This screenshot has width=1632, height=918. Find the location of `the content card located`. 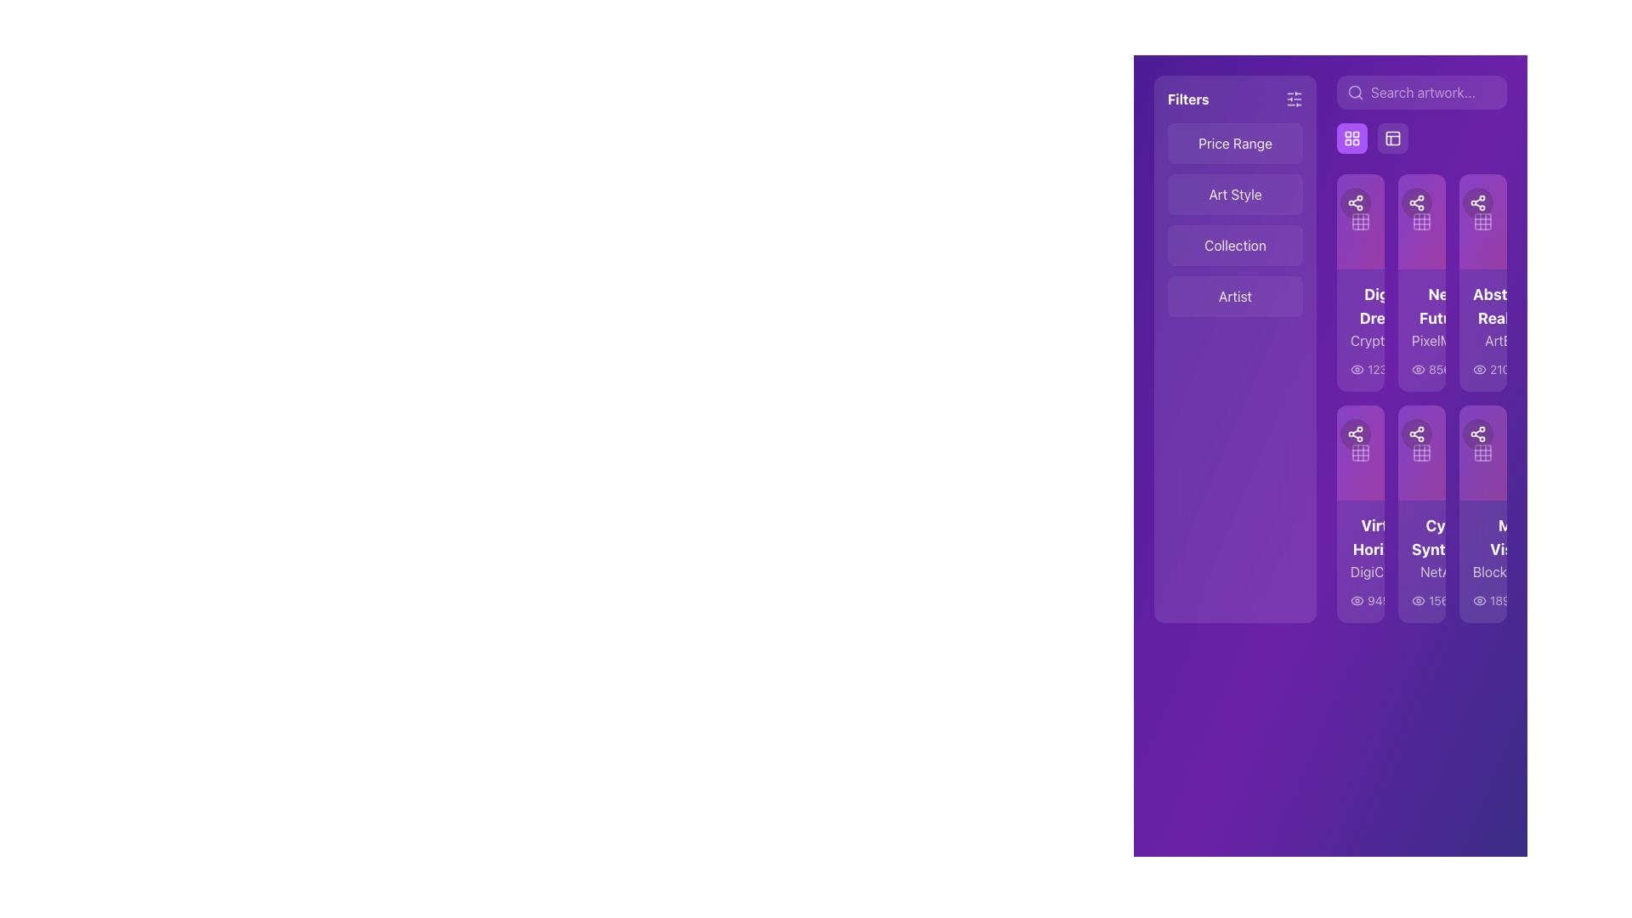

the content card located is located at coordinates (1422, 399).